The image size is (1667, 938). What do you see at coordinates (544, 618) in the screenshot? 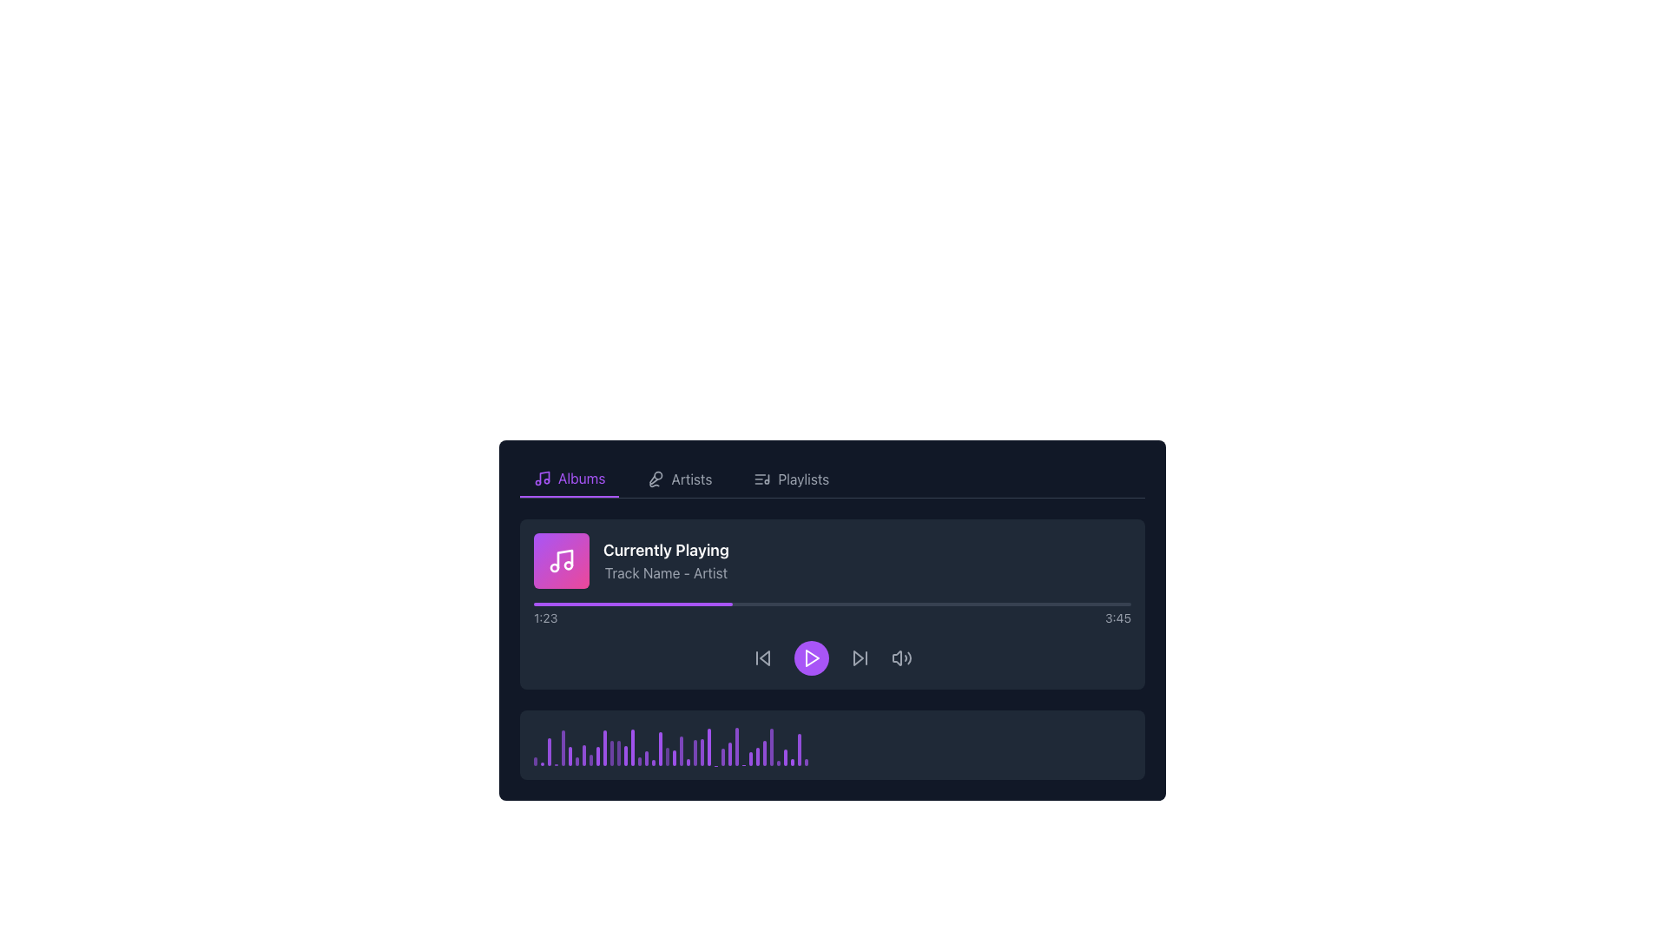
I see `the current playback time displayed in the Text Label located to the left of '3:45' in the media player interface` at bounding box center [544, 618].